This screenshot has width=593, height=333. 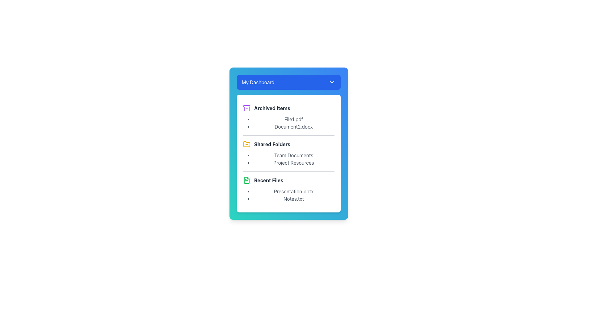 What do you see at coordinates (293, 199) in the screenshot?
I see `the 'Notes.txt' text item in the bulleted list under the 'Recent Files' section` at bounding box center [293, 199].